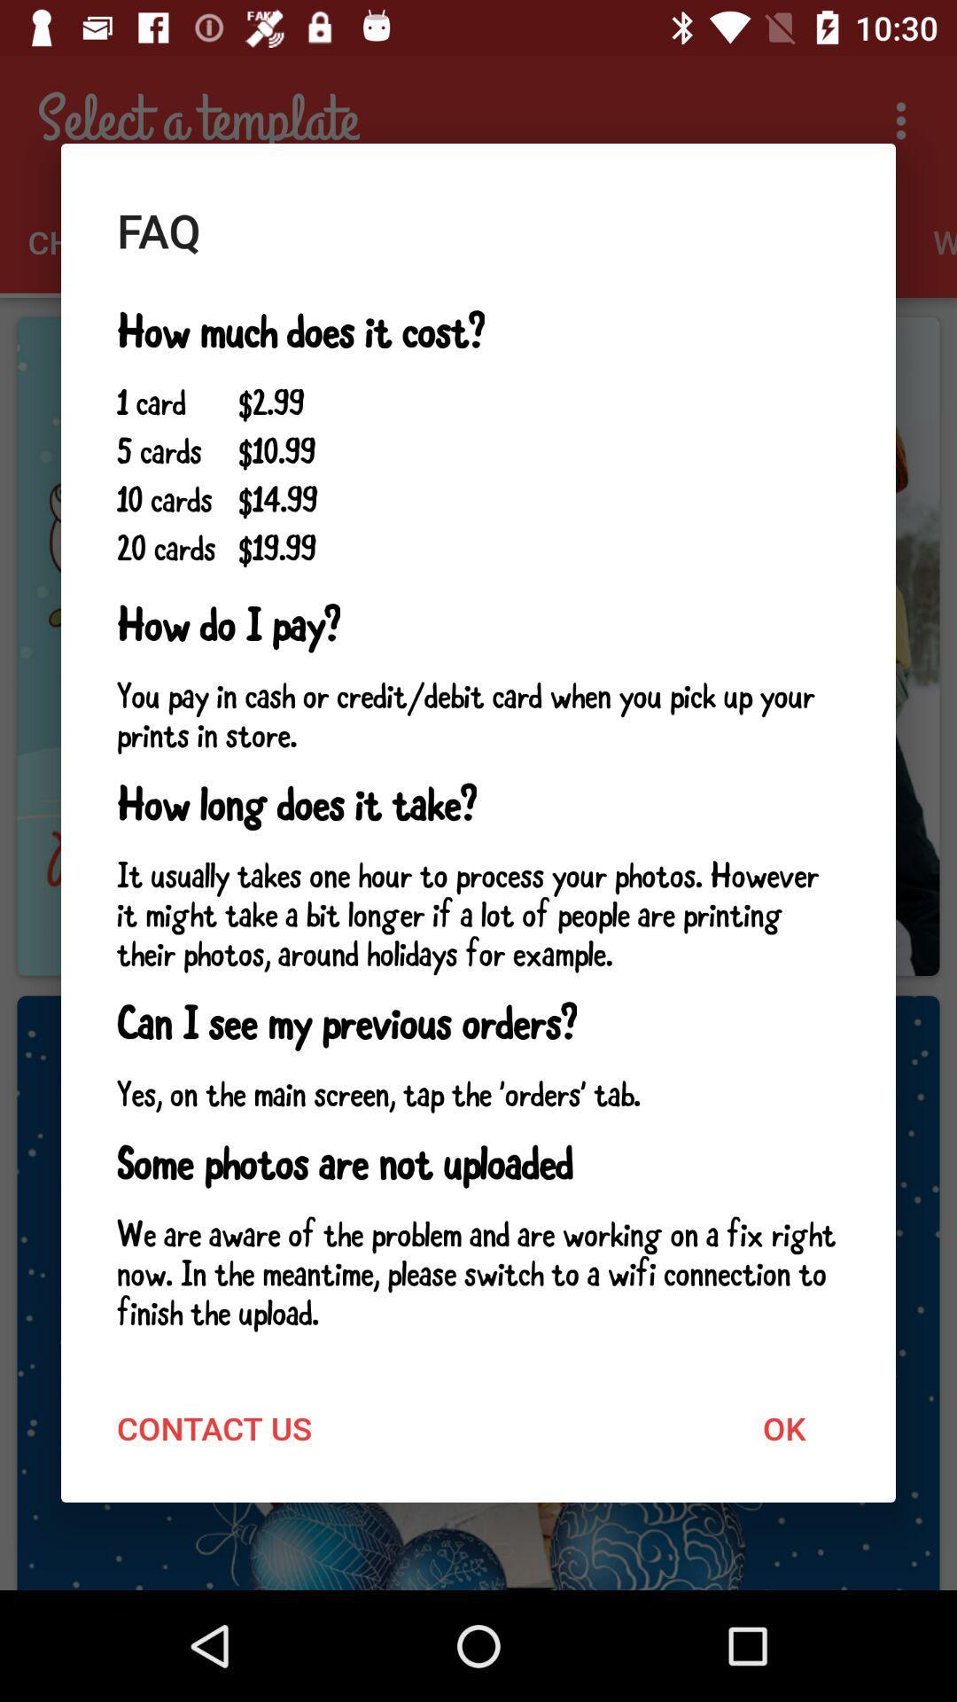 This screenshot has width=957, height=1702. I want to click on contact us, so click(214, 1428).